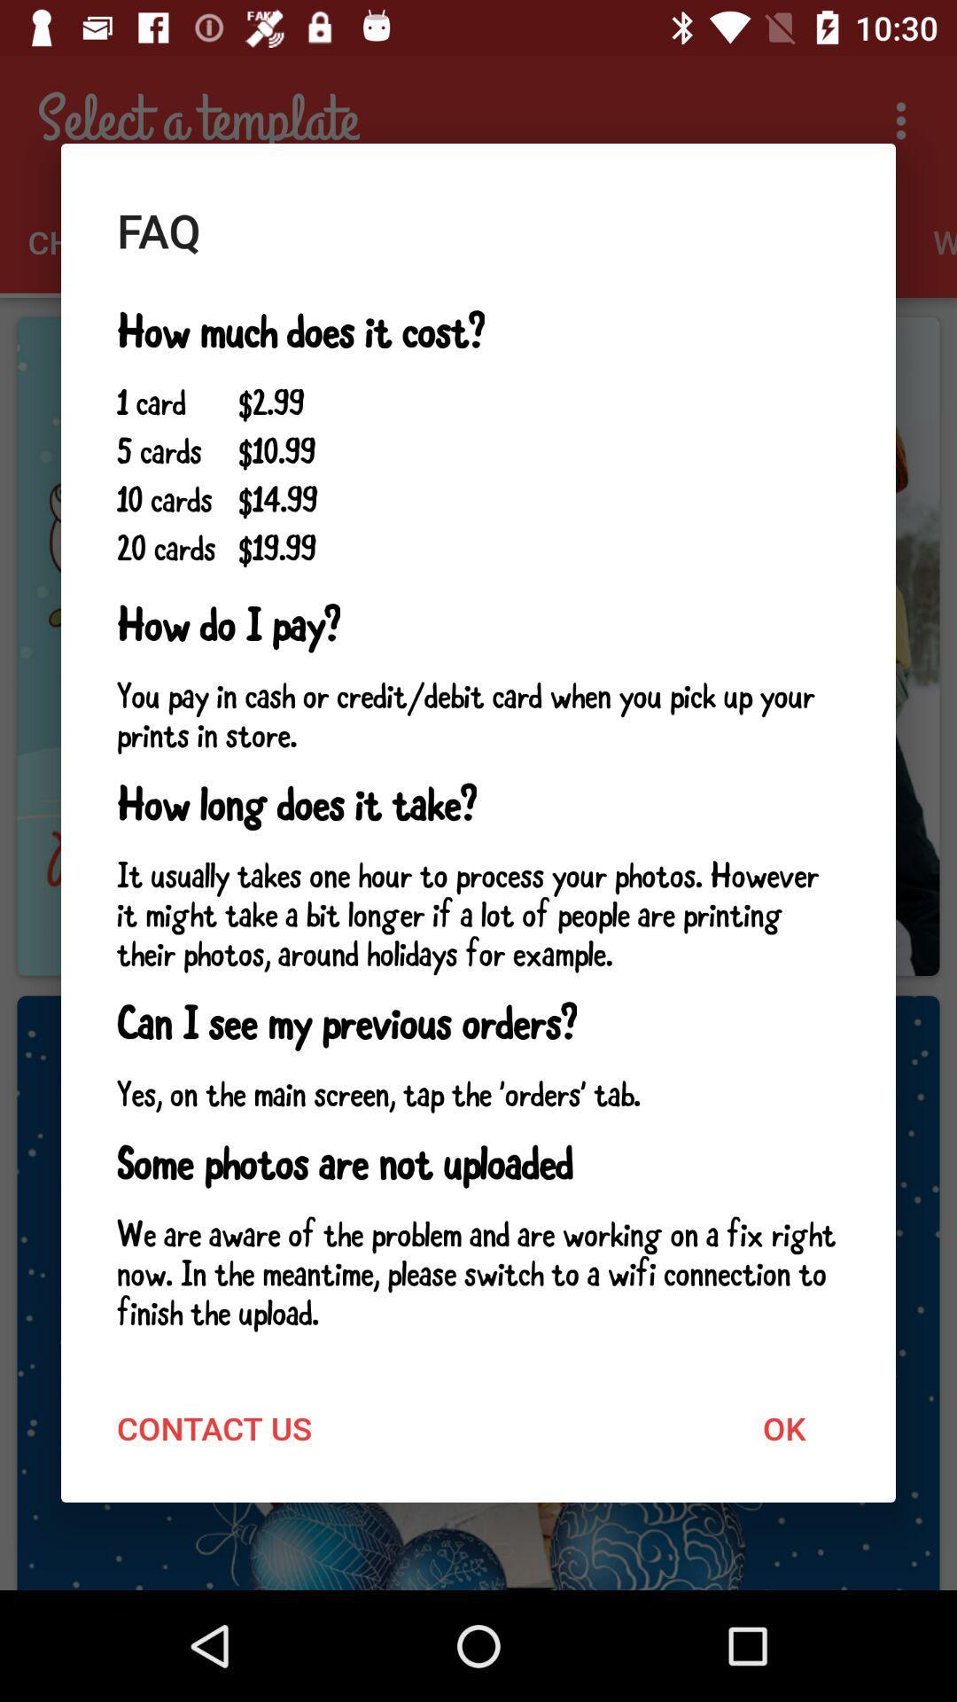 This screenshot has width=957, height=1702. I want to click on contact us, so click(214, 1428).